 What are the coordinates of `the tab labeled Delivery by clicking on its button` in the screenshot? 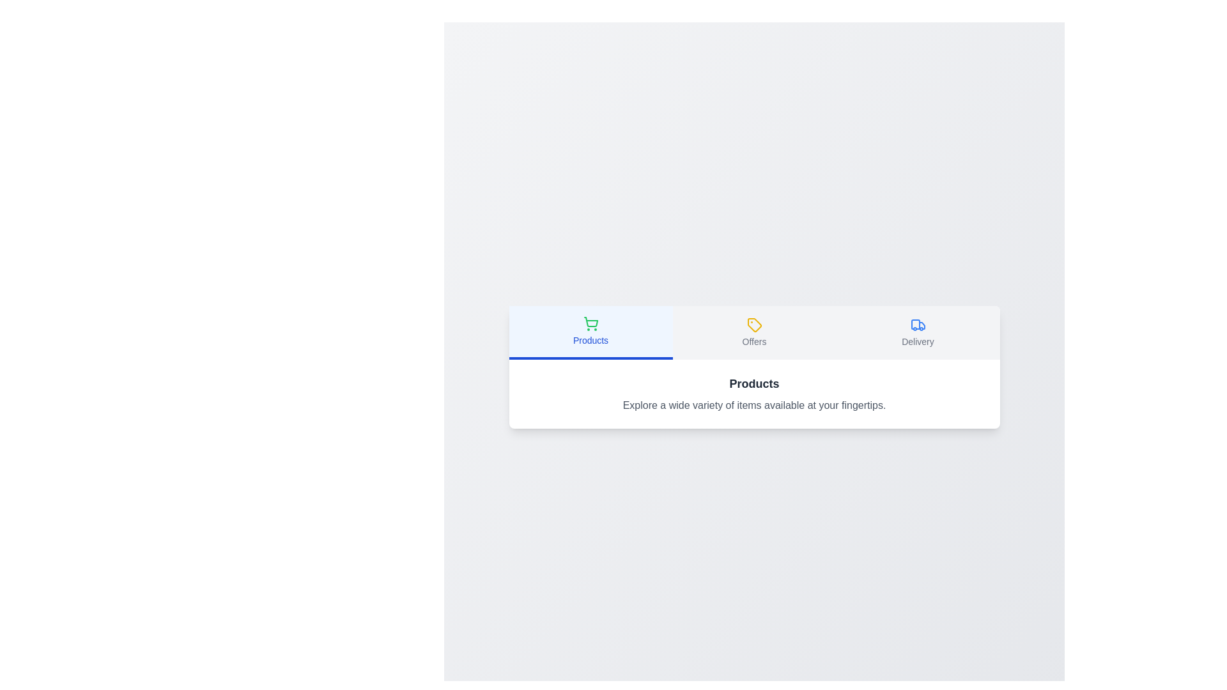 It's located at (917, 332).